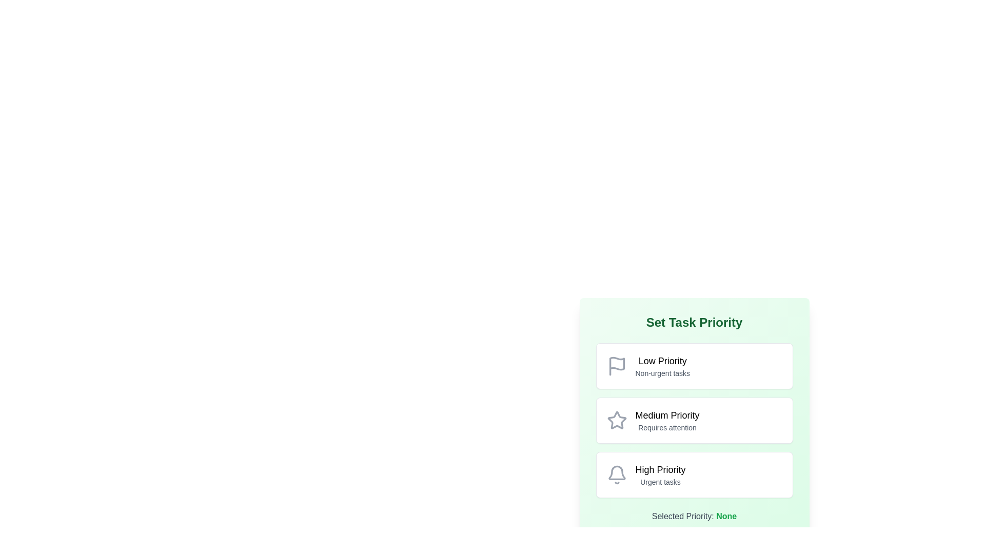  I want to click on the 'Medium Priority' option block, so click(694, 421).